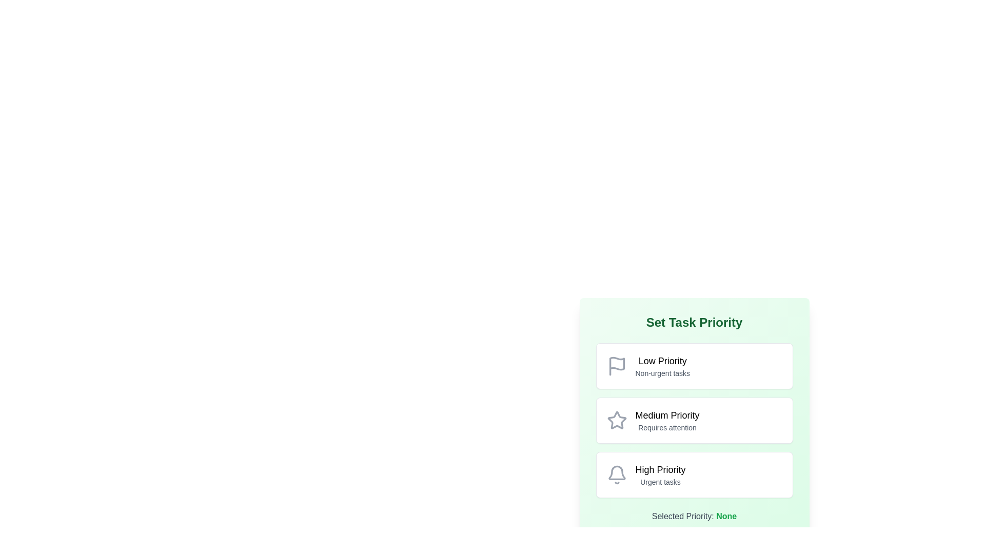  I want to click on the 'Medium Priority' option block, so click(694, 421).